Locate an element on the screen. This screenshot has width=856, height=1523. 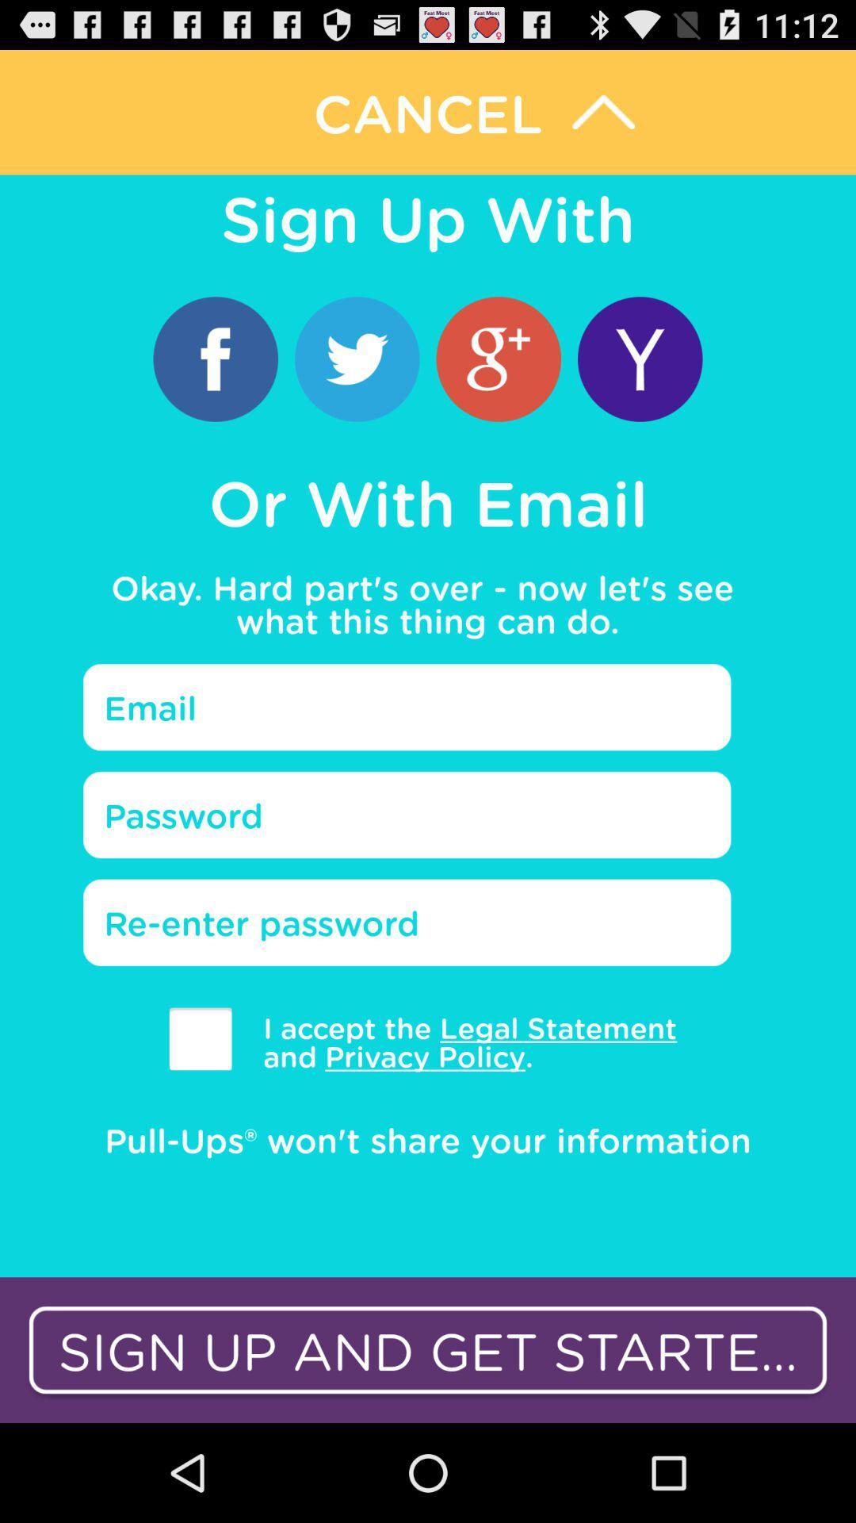
sign up with yahoo is located at coordinates (639, 358).